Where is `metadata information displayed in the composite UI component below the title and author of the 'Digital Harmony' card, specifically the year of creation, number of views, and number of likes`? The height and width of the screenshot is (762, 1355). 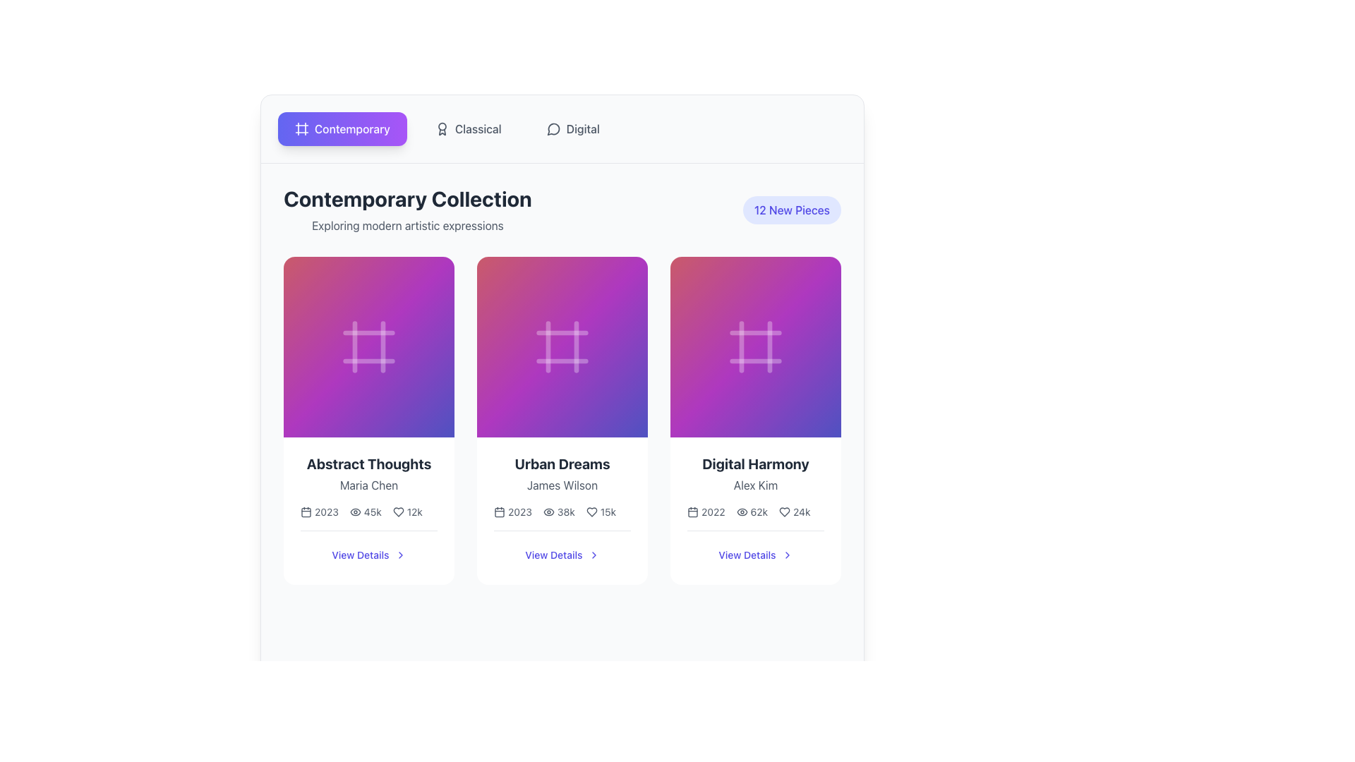 metadata information displayed in the composite UI component below the title and author of the 'Digital Harmony' card, specifically the year of creation, number of views, and number of likes is located at coordinates (754, 512).